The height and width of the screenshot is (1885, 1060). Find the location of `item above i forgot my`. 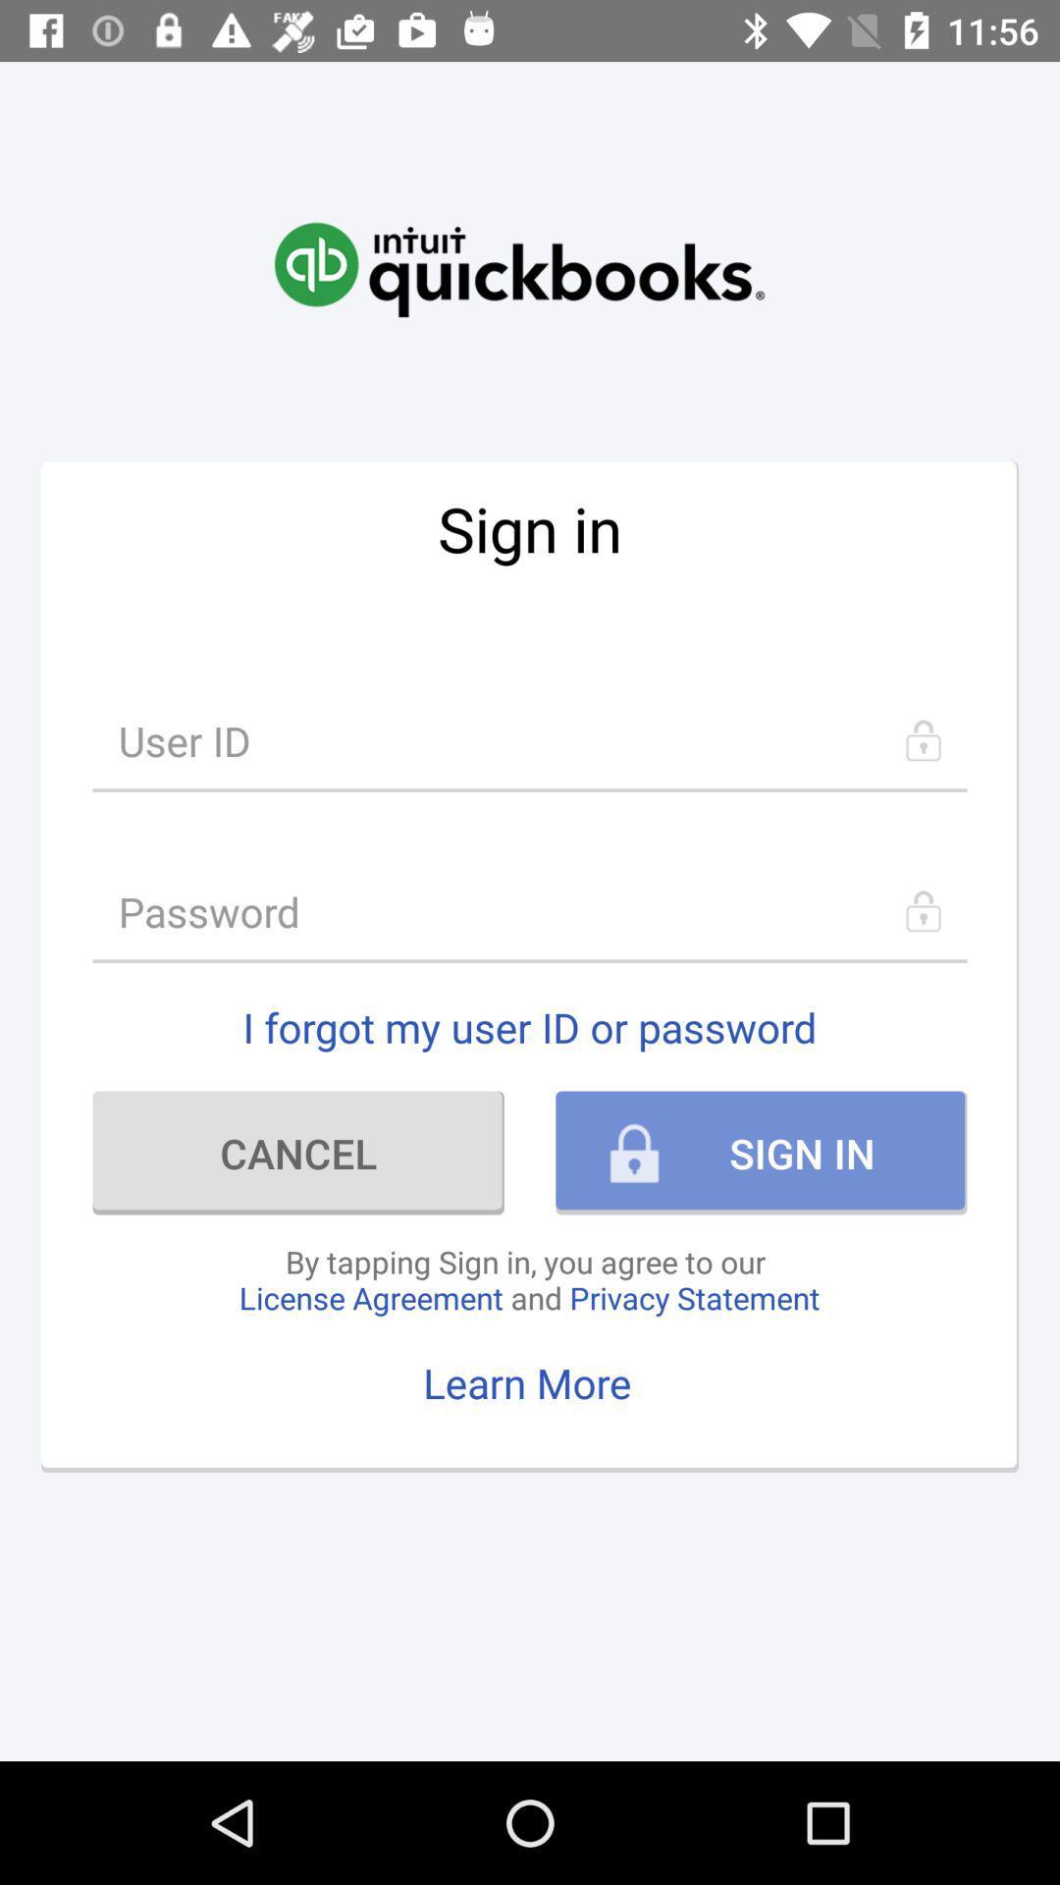

item above i forgot my is located at coordinates (530, 910).